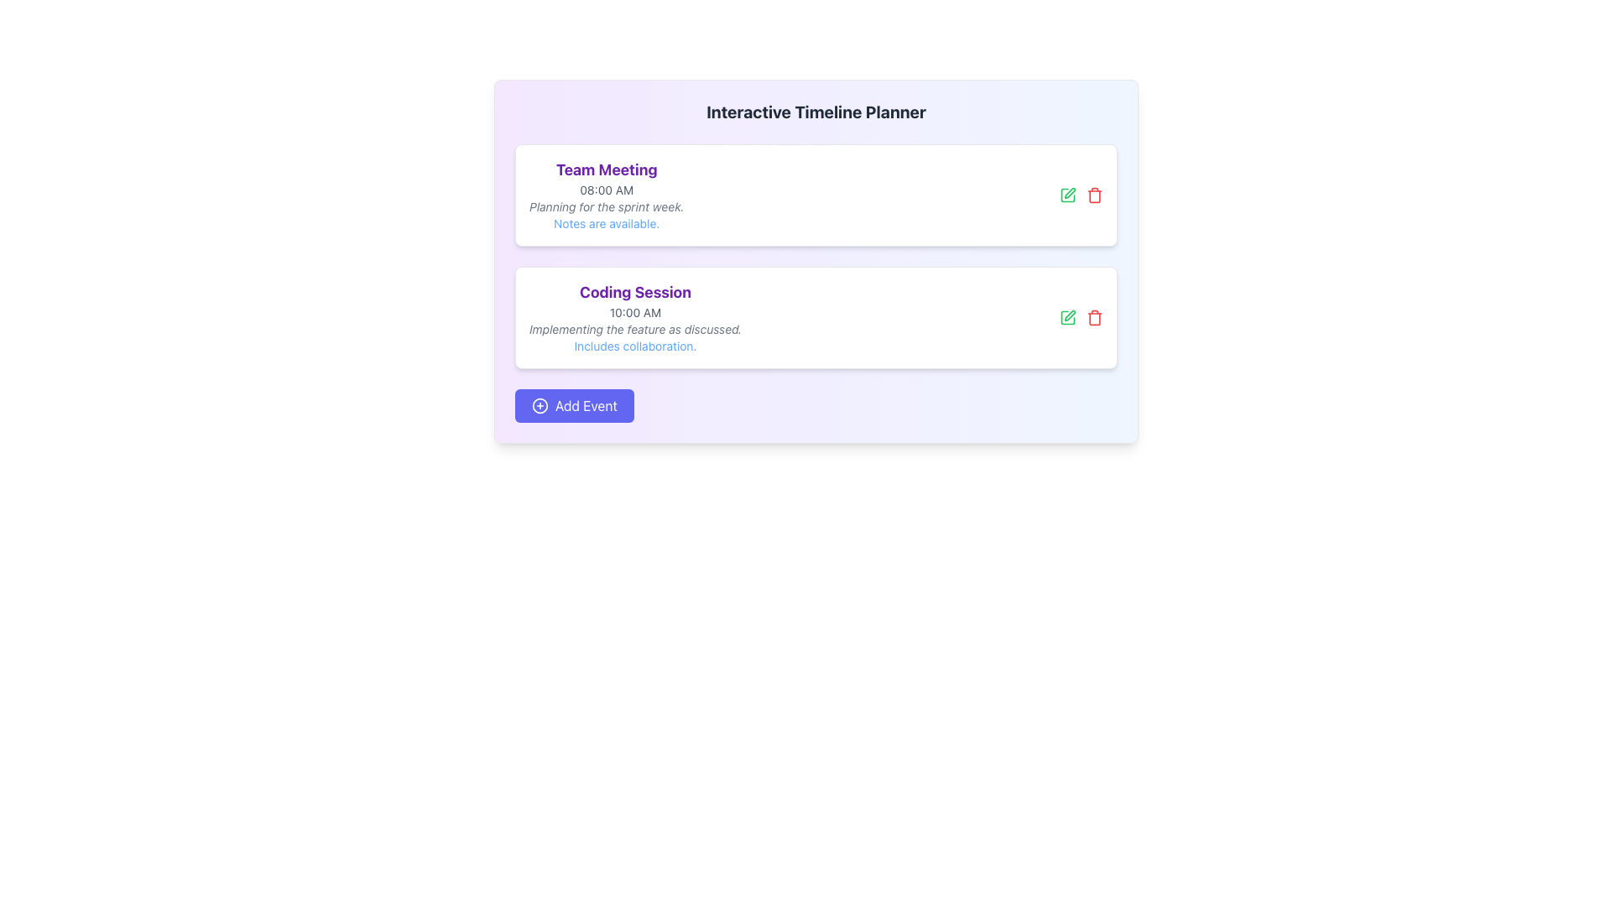 Image resolution: width=1611 pixels, height=906 pixels. What do you see at coordinates (1082, 317) in the screenshot?
I see `the trash icon (red delete icon) located in the bottom-right corner of the 'Coding Session' card` at bounding box center [1082, 317].